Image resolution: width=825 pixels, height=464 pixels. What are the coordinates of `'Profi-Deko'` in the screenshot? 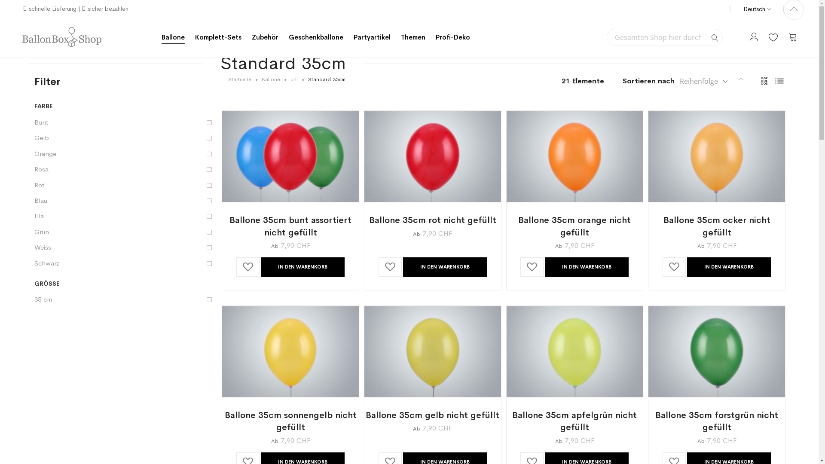 It's located at (435, 37).